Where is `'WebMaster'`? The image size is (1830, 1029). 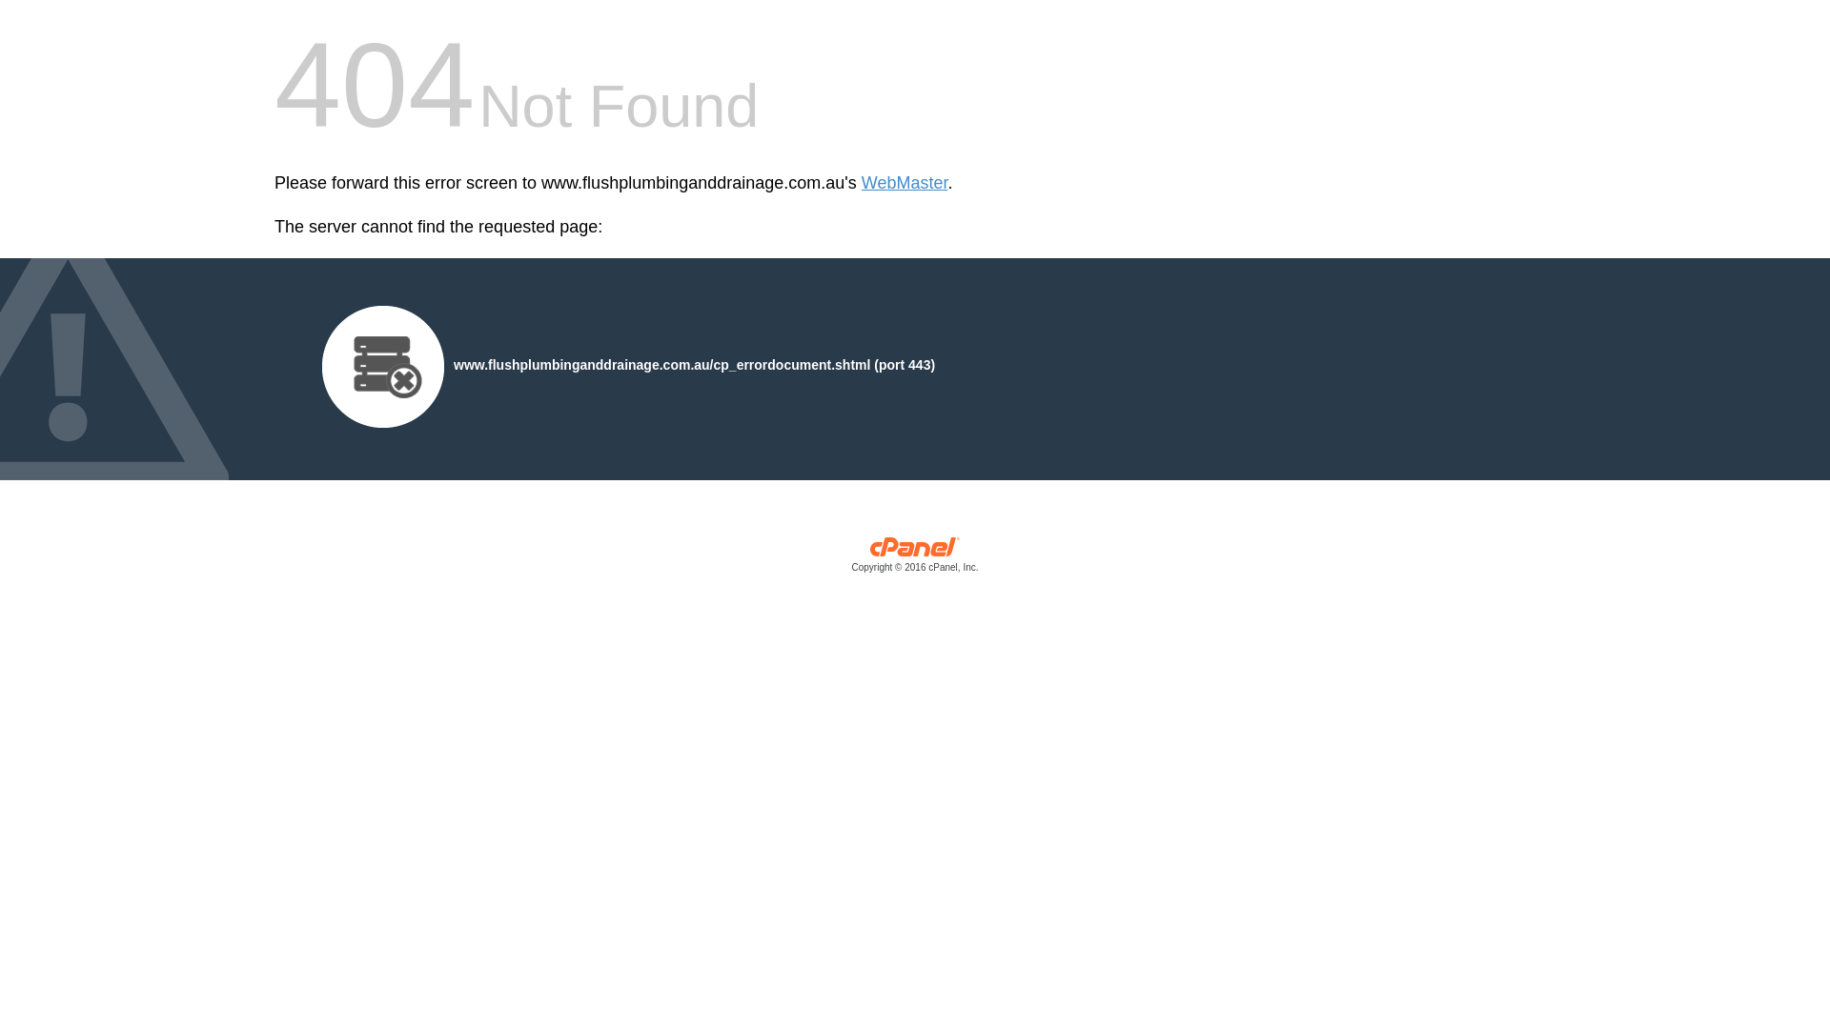 'WebMaster' is located at coordinates (860, 183).